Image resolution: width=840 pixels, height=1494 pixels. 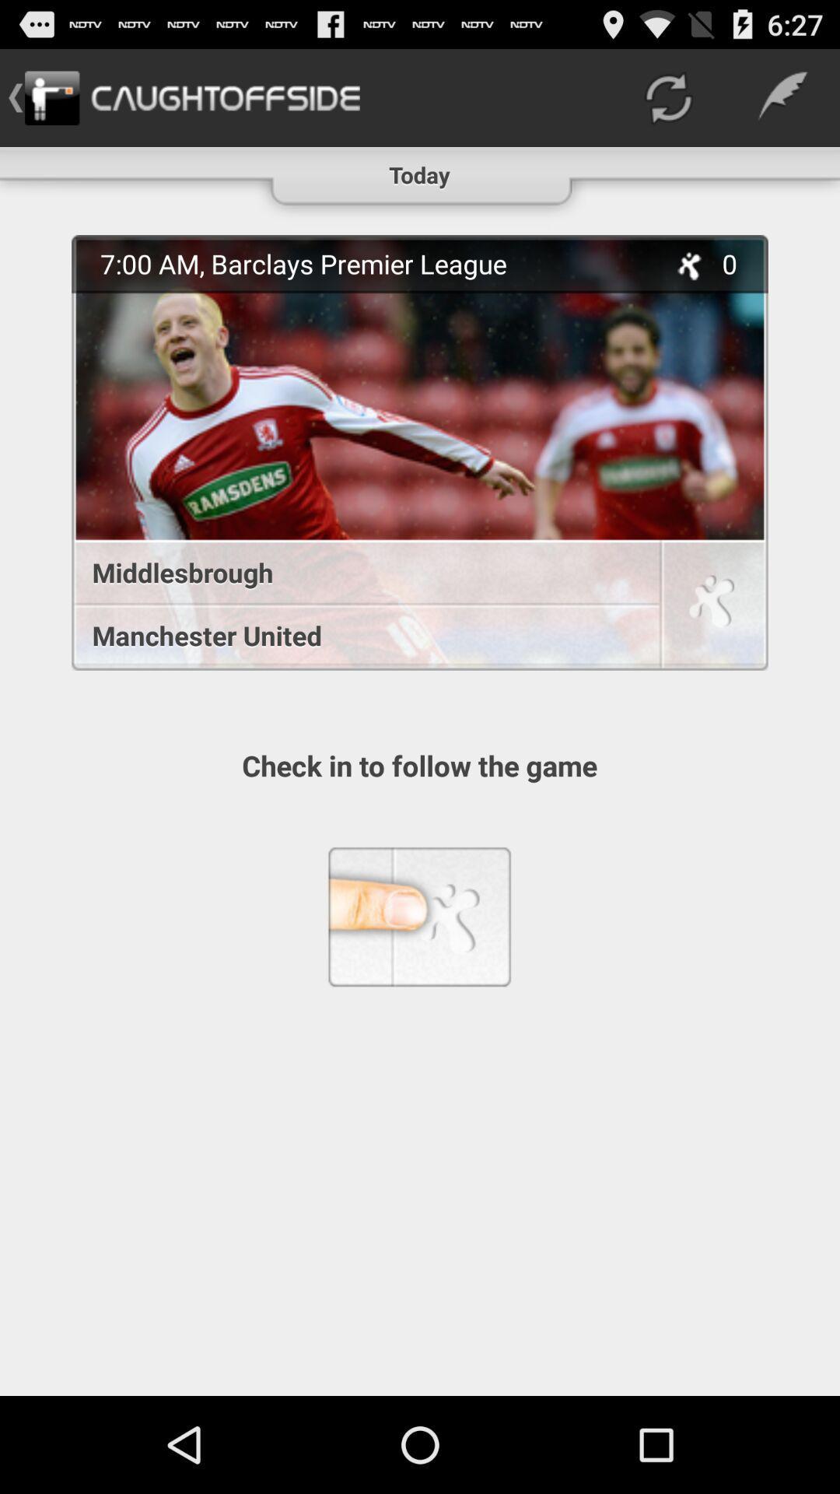 What do you see at coordinates (418, 168) in the screenshot?
I see `the today icon` at bounding box center [418, 168].